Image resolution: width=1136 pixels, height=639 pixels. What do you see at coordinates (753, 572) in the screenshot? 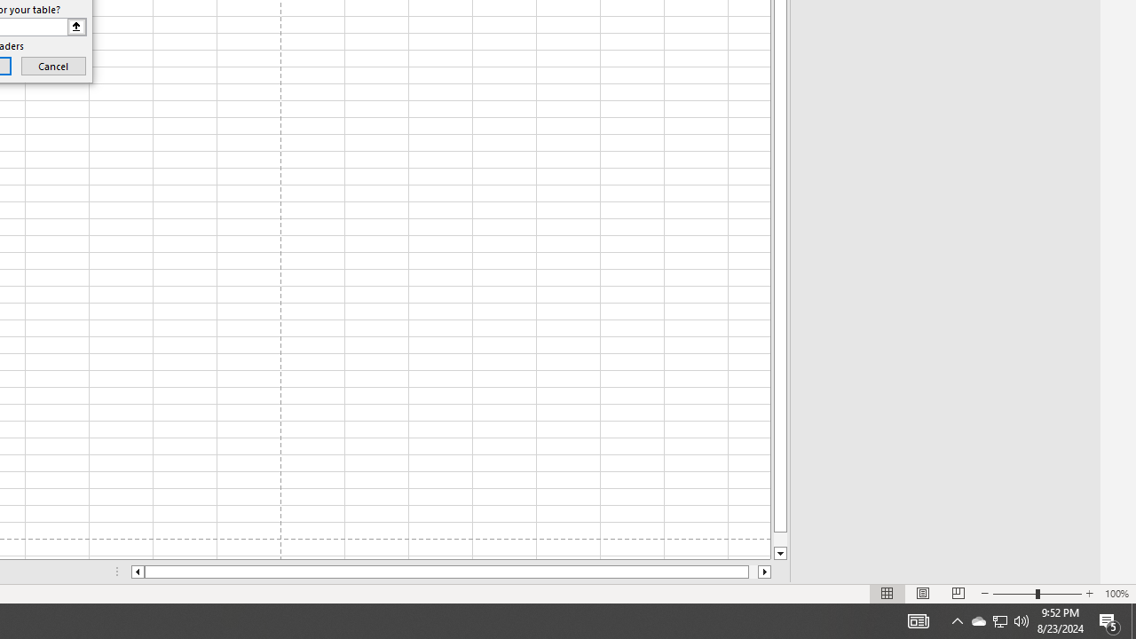
I see `'Page right'` at bounding box center [753, 572].